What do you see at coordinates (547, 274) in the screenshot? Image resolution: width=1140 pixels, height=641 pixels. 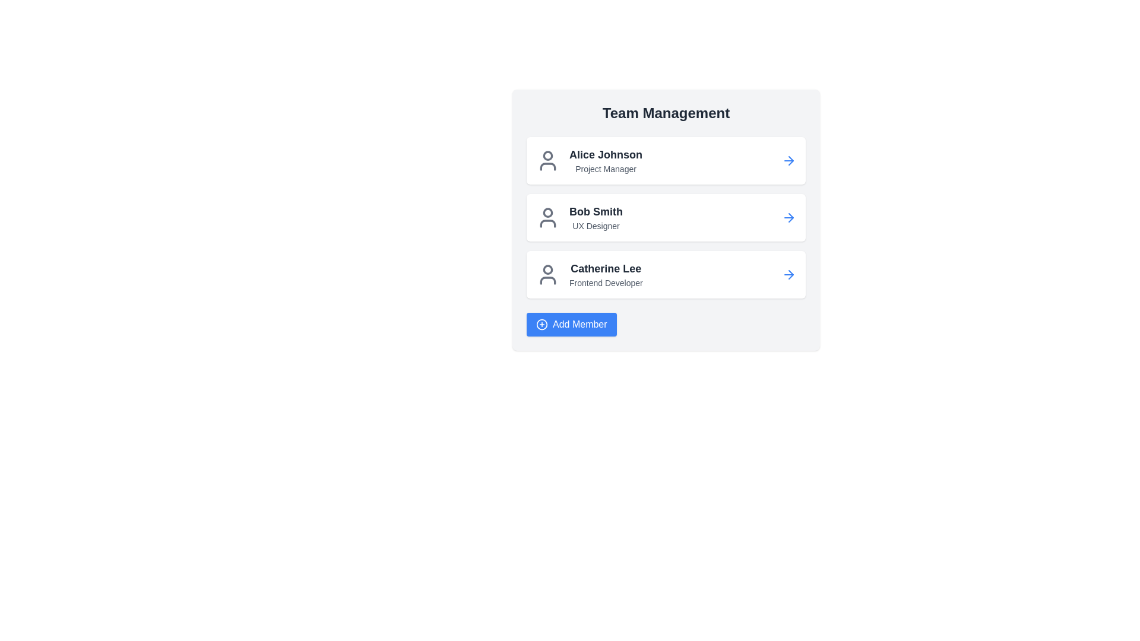 I see `the user profile SVG icon located in the third row under the 'Team Management' panel, to the left of the name 'Catherine Lee'` at bounding box center [547, 274].